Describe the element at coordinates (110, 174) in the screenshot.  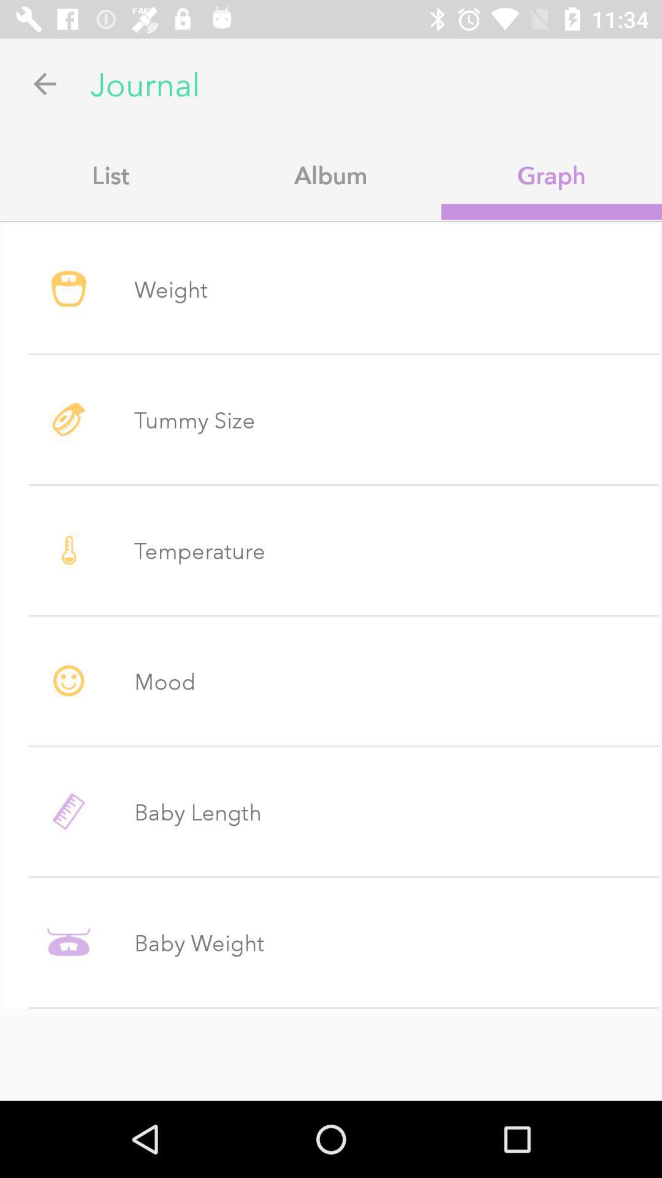
I see `the list app` at that location.